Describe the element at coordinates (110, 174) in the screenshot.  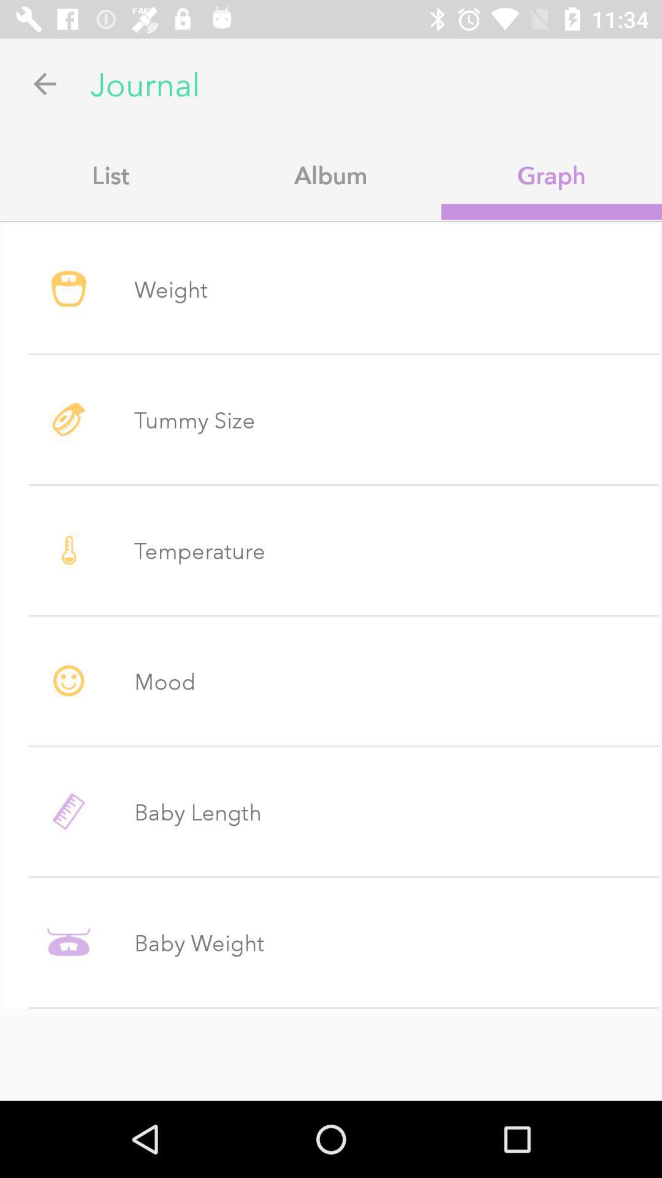
I see `the list app` at that location.